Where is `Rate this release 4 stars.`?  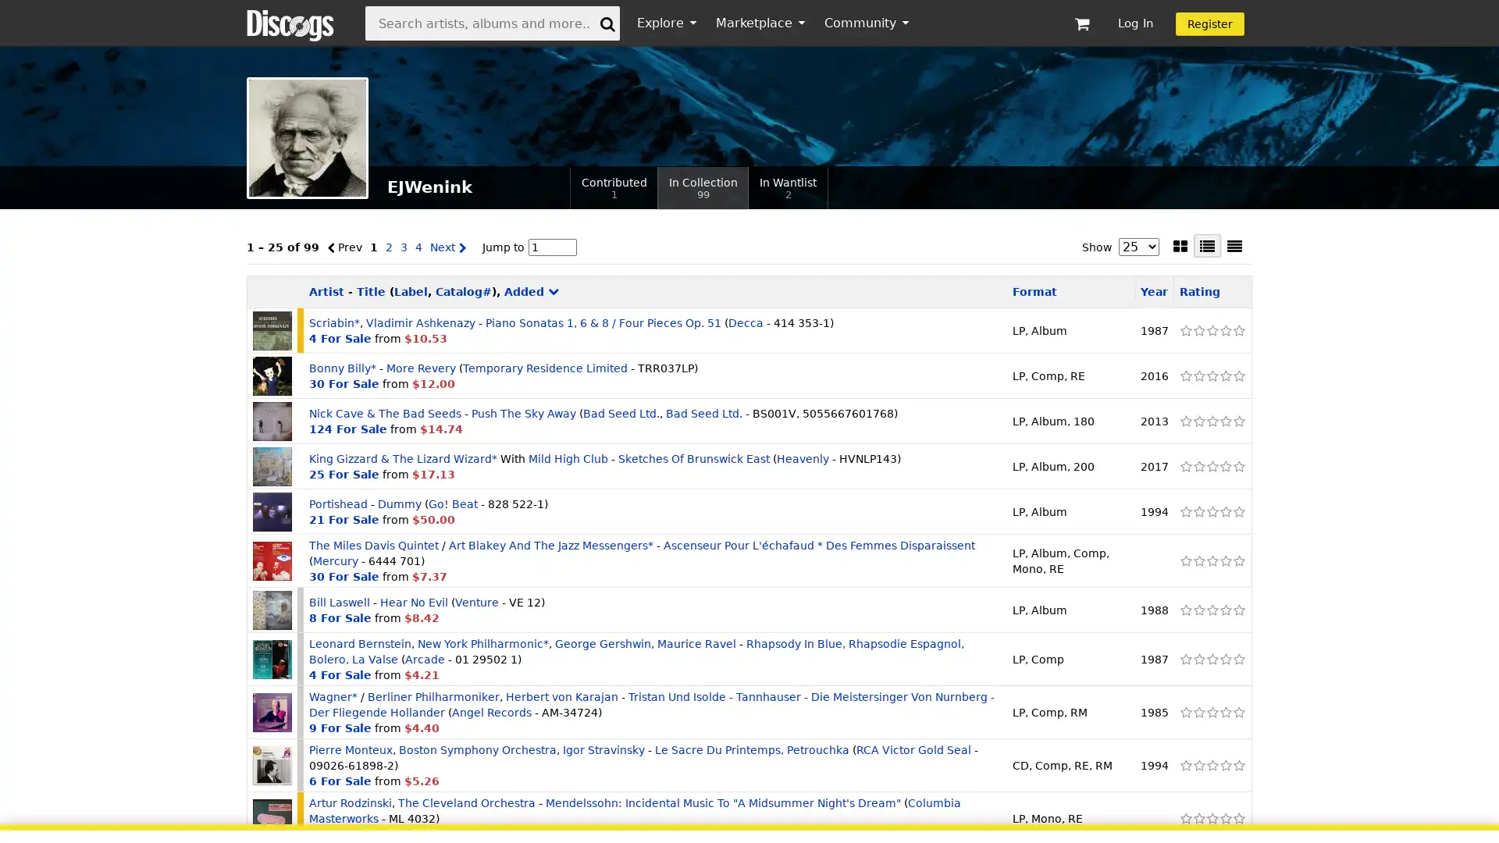
Rate this release 4 stars. is located at coordinates (1224, 421).